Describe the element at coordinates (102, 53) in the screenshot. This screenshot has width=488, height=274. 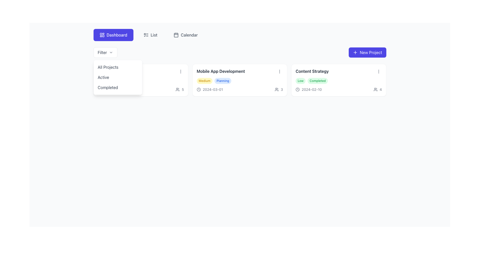
I see `'Filter' text label, which is part of a button-like structure in the upper-left portion of the layout` at that location.